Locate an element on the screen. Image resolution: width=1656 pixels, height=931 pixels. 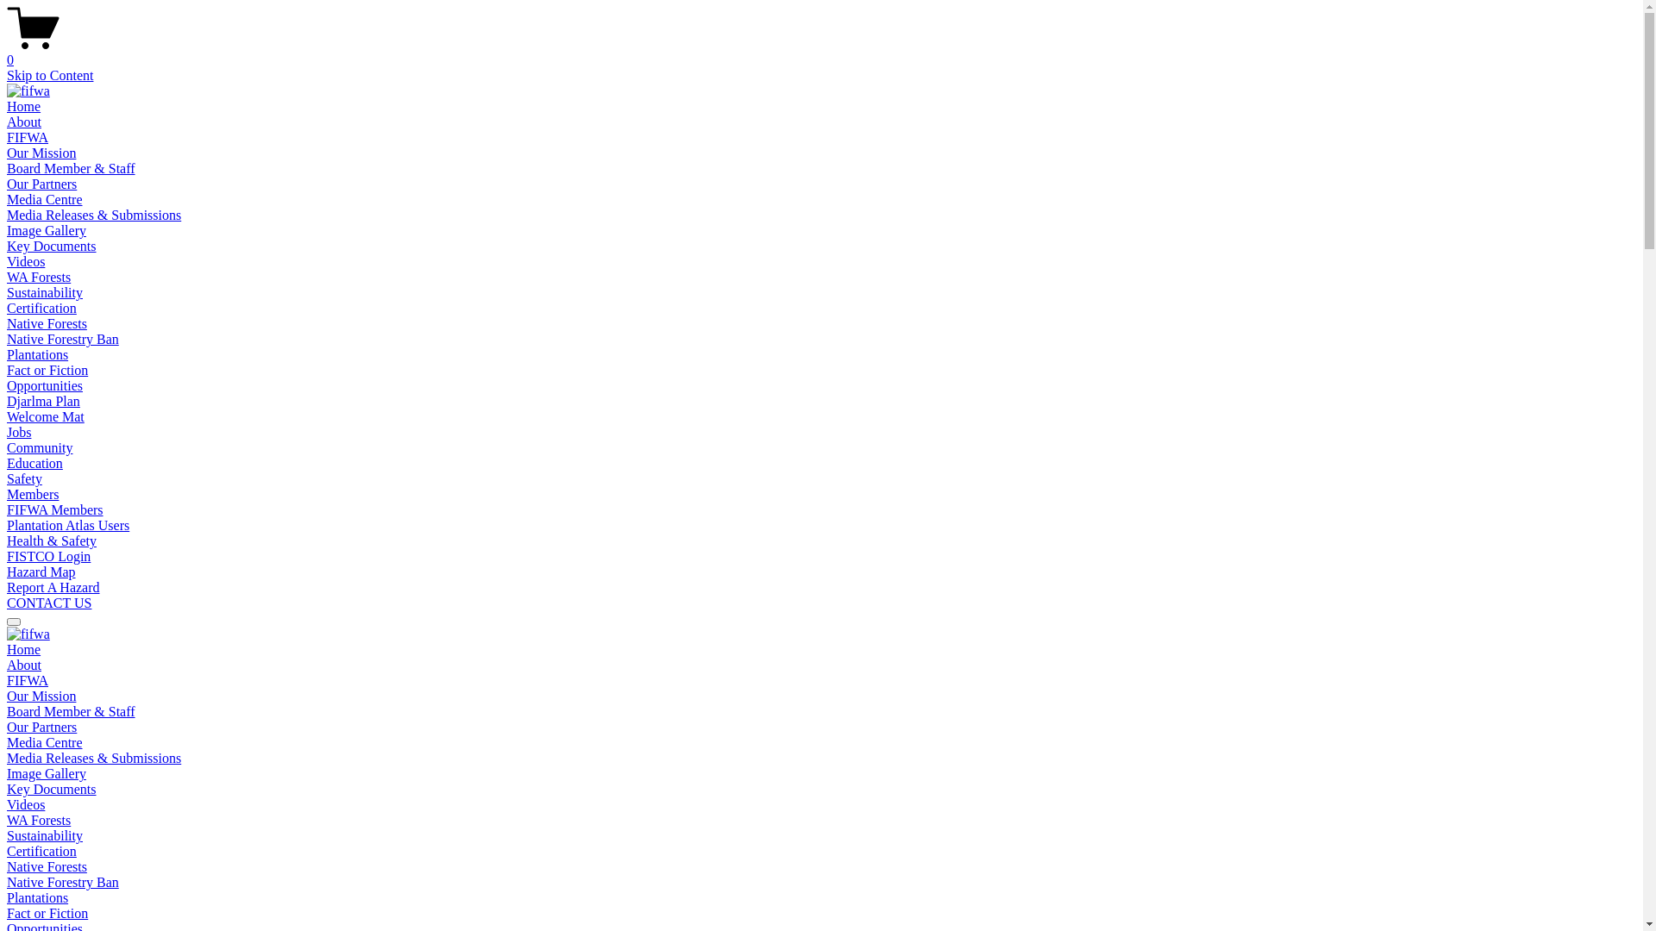
'Report A Hazard' is located at coordinates (7, 586).